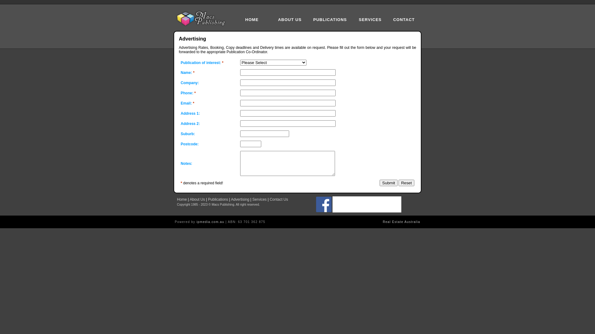  What do you see at coordinates (259, 199) in the screenshot?
I see `'Services'` at bounding box center [259, 199].